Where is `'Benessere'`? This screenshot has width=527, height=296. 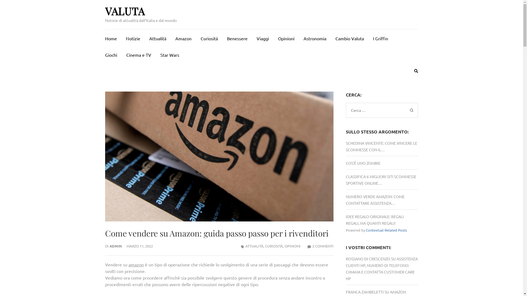 'Benessere' is located at coordinates (237, 37).